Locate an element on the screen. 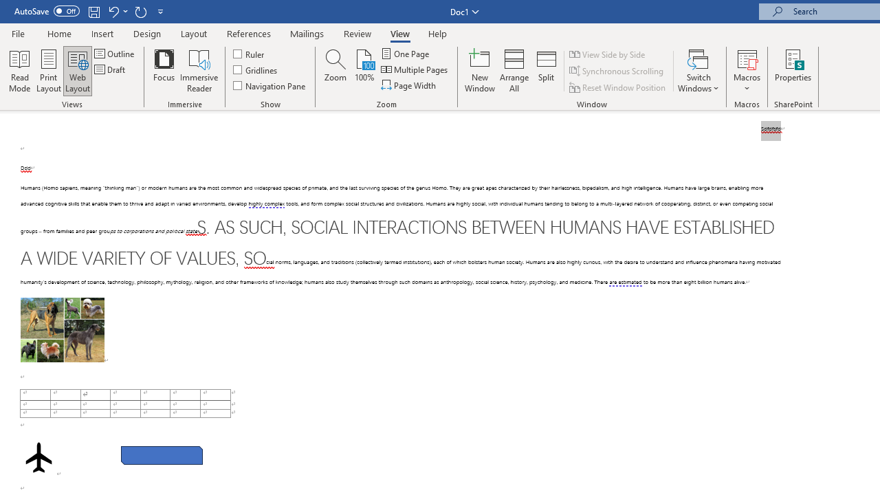  'Airplane with solid fill' is located at coordinates (38, 457).